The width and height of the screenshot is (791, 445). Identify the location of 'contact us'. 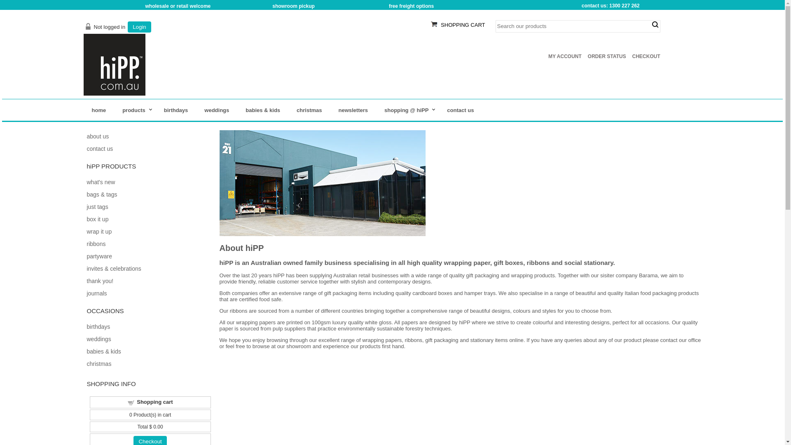
(460, 110).